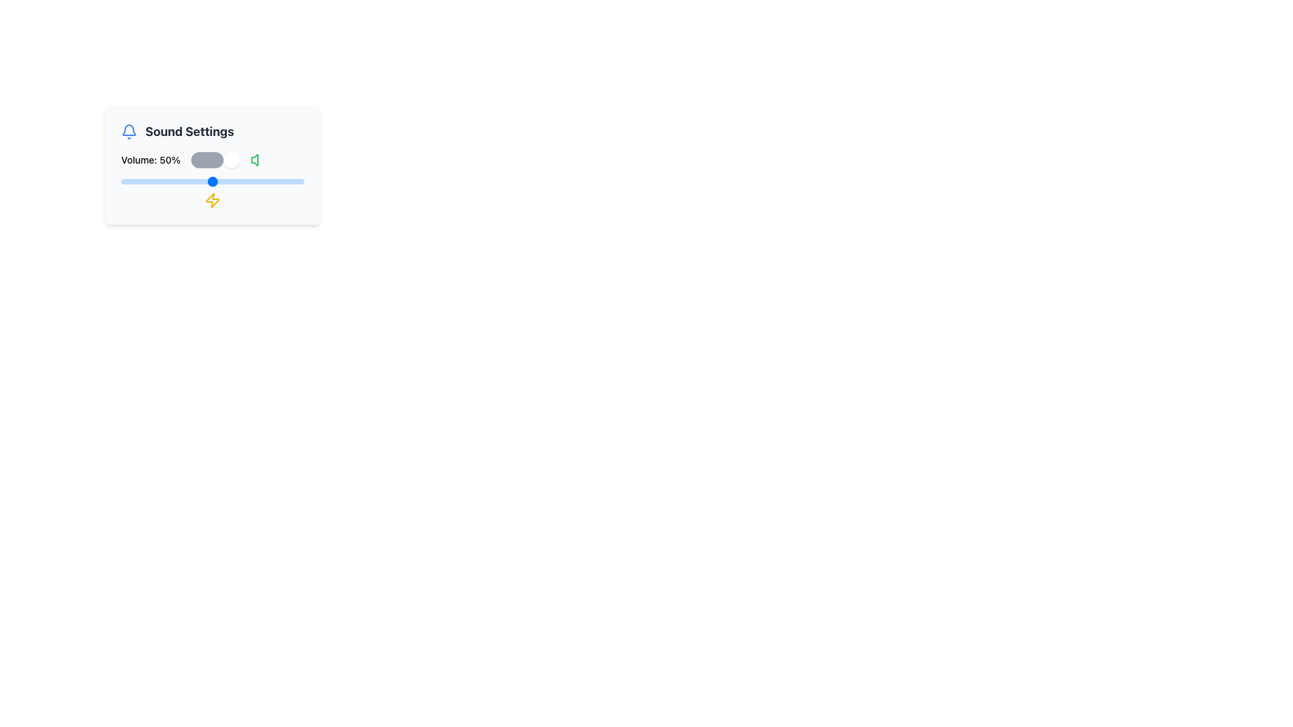 The width and height of the screenshot is (1293, 727). I want to click on the notification bell icon located near the top-right region of the interface by clicking on it, so click(129, 130).